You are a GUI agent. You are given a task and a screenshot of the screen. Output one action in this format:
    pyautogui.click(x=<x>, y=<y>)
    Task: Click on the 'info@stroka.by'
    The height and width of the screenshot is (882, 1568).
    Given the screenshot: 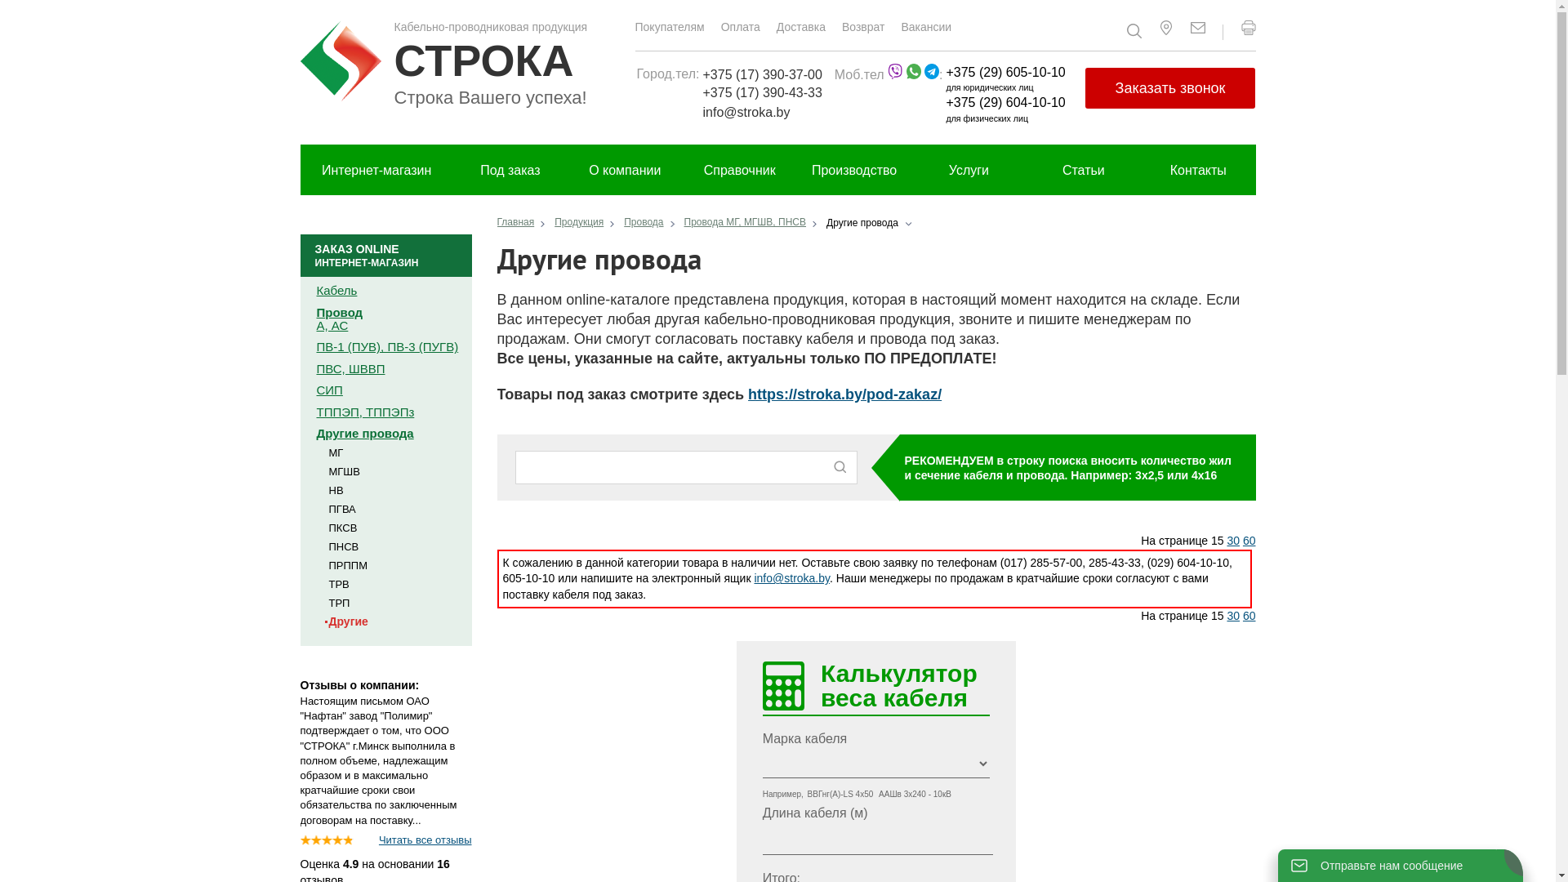 What is the action you would take?
    pyautogui.click(x=762, y=112)
    